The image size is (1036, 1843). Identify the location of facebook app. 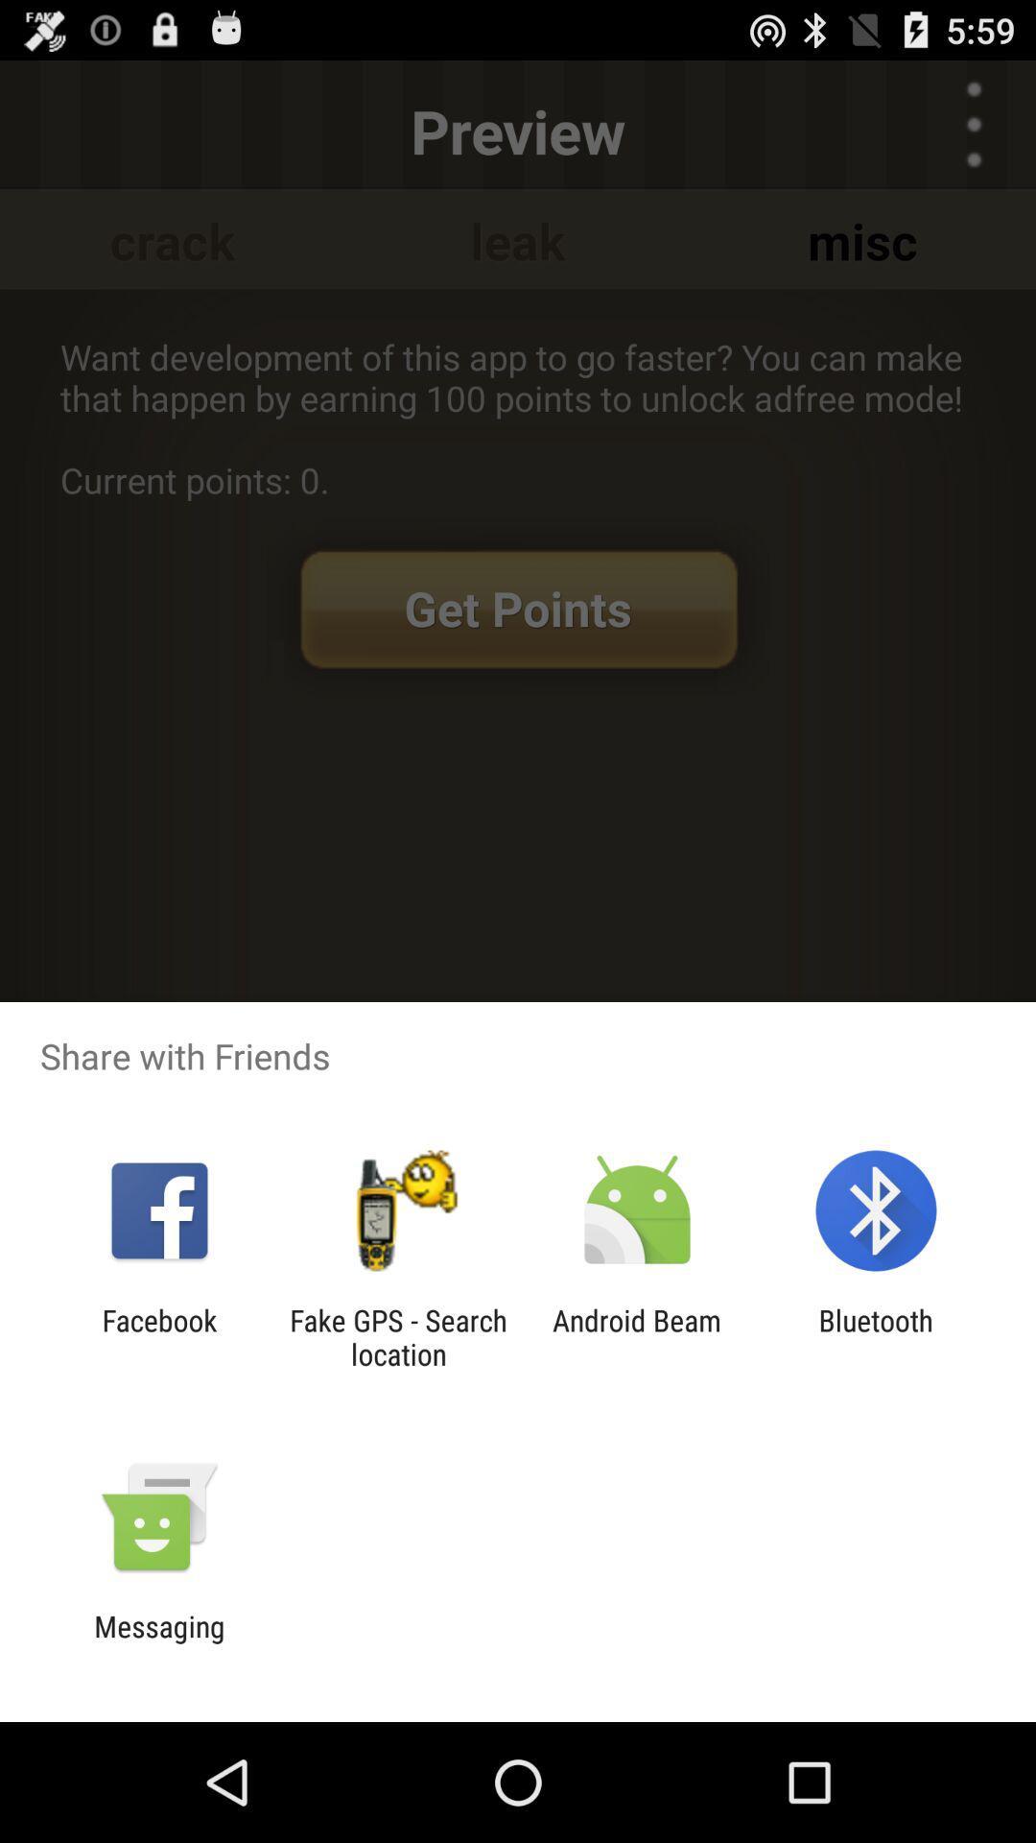
(158, 1336).